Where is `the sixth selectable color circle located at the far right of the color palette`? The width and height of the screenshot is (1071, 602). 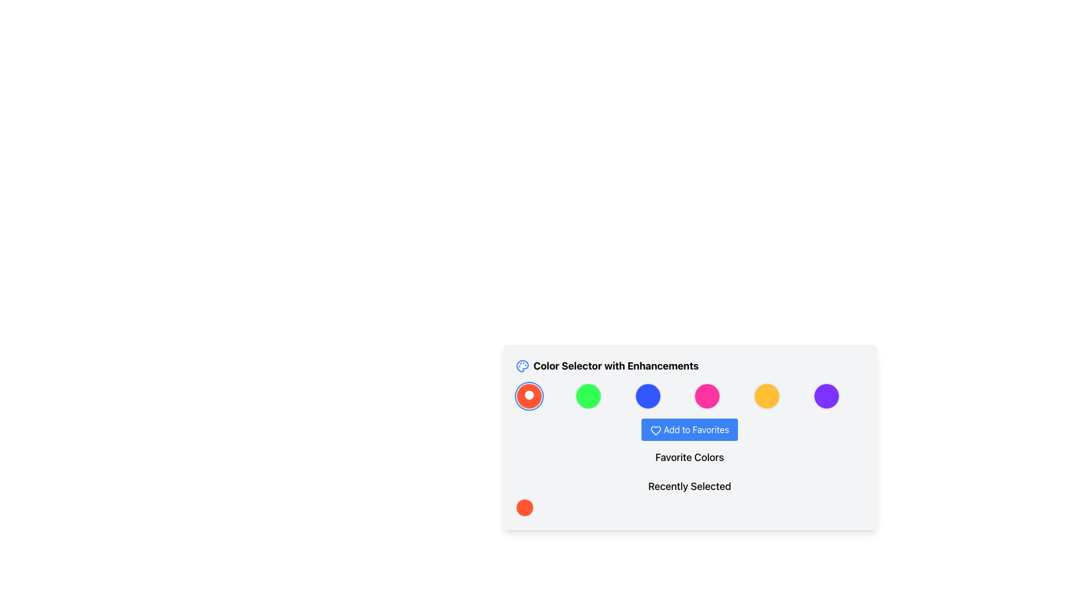
the sixth selectable color circle located at the far right of the color palette is located at coordinates (826, 395).